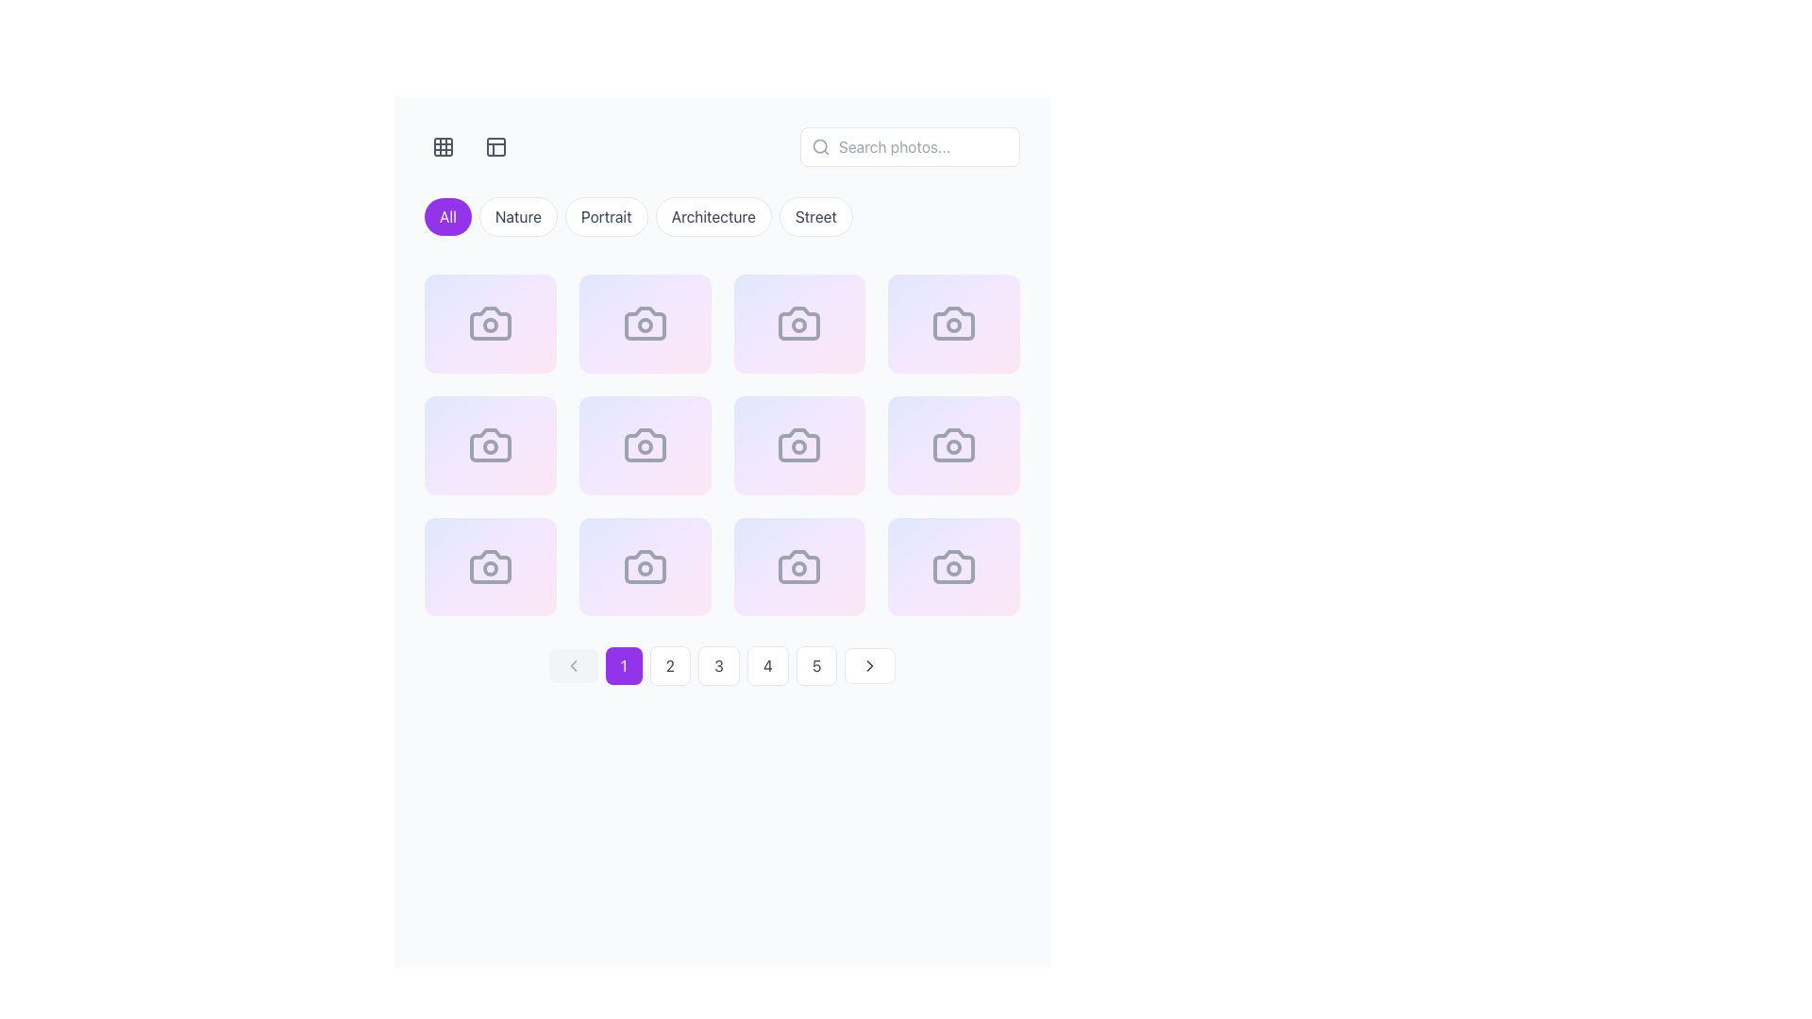 This screenshot has height=1019, width=1812. What do you see at coordinates (1005, 342) in the screenshot?
I see `the fourth button in the row of interactive buttons, which likely serves as a toggle for visibility or viewing of the content displayed above it` at bounding box center [1005, 342].